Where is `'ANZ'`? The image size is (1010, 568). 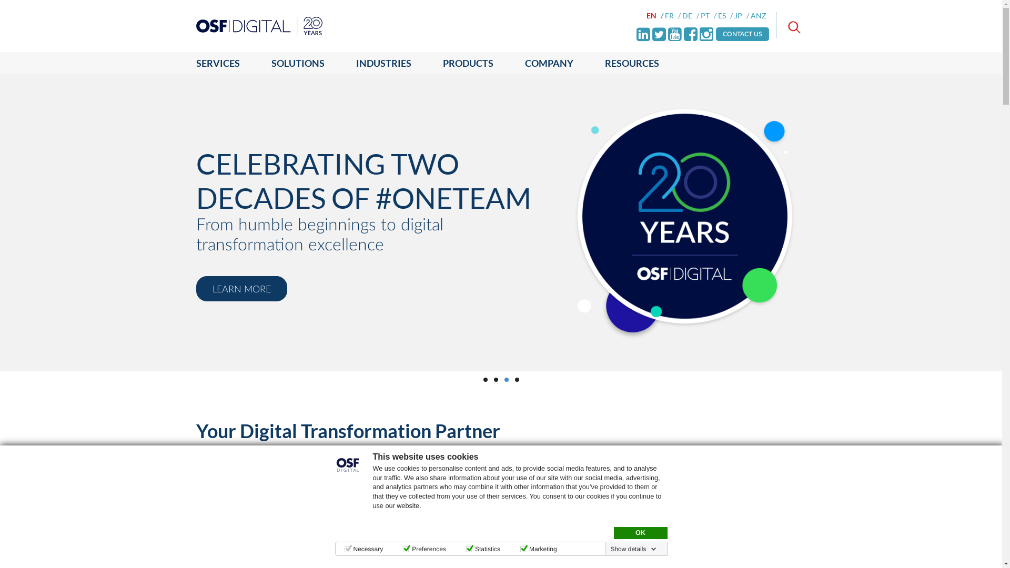 'ANZ' is located at coordinates (760, 15).